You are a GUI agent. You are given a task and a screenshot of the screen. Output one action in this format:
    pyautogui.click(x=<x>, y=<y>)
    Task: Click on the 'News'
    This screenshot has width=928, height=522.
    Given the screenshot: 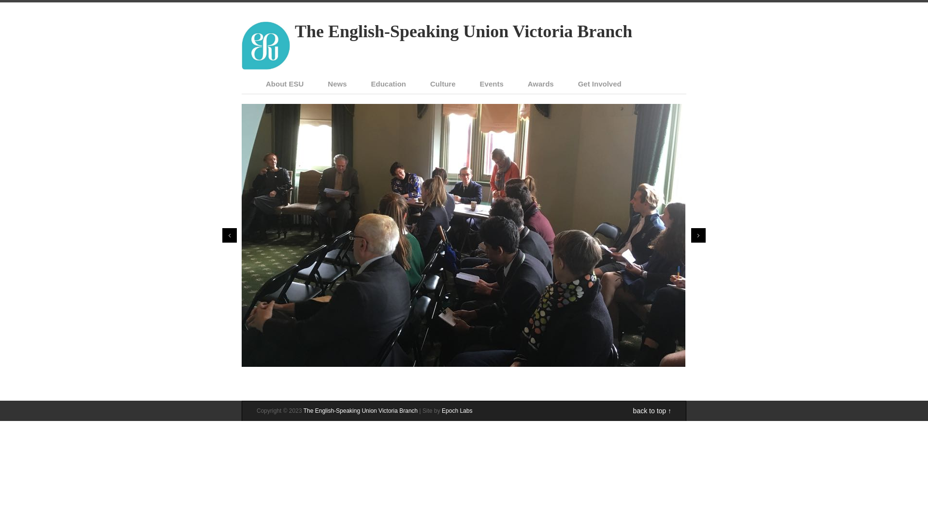 What is the action you would take?
    pyautogui.click(x=337, y=83)
    